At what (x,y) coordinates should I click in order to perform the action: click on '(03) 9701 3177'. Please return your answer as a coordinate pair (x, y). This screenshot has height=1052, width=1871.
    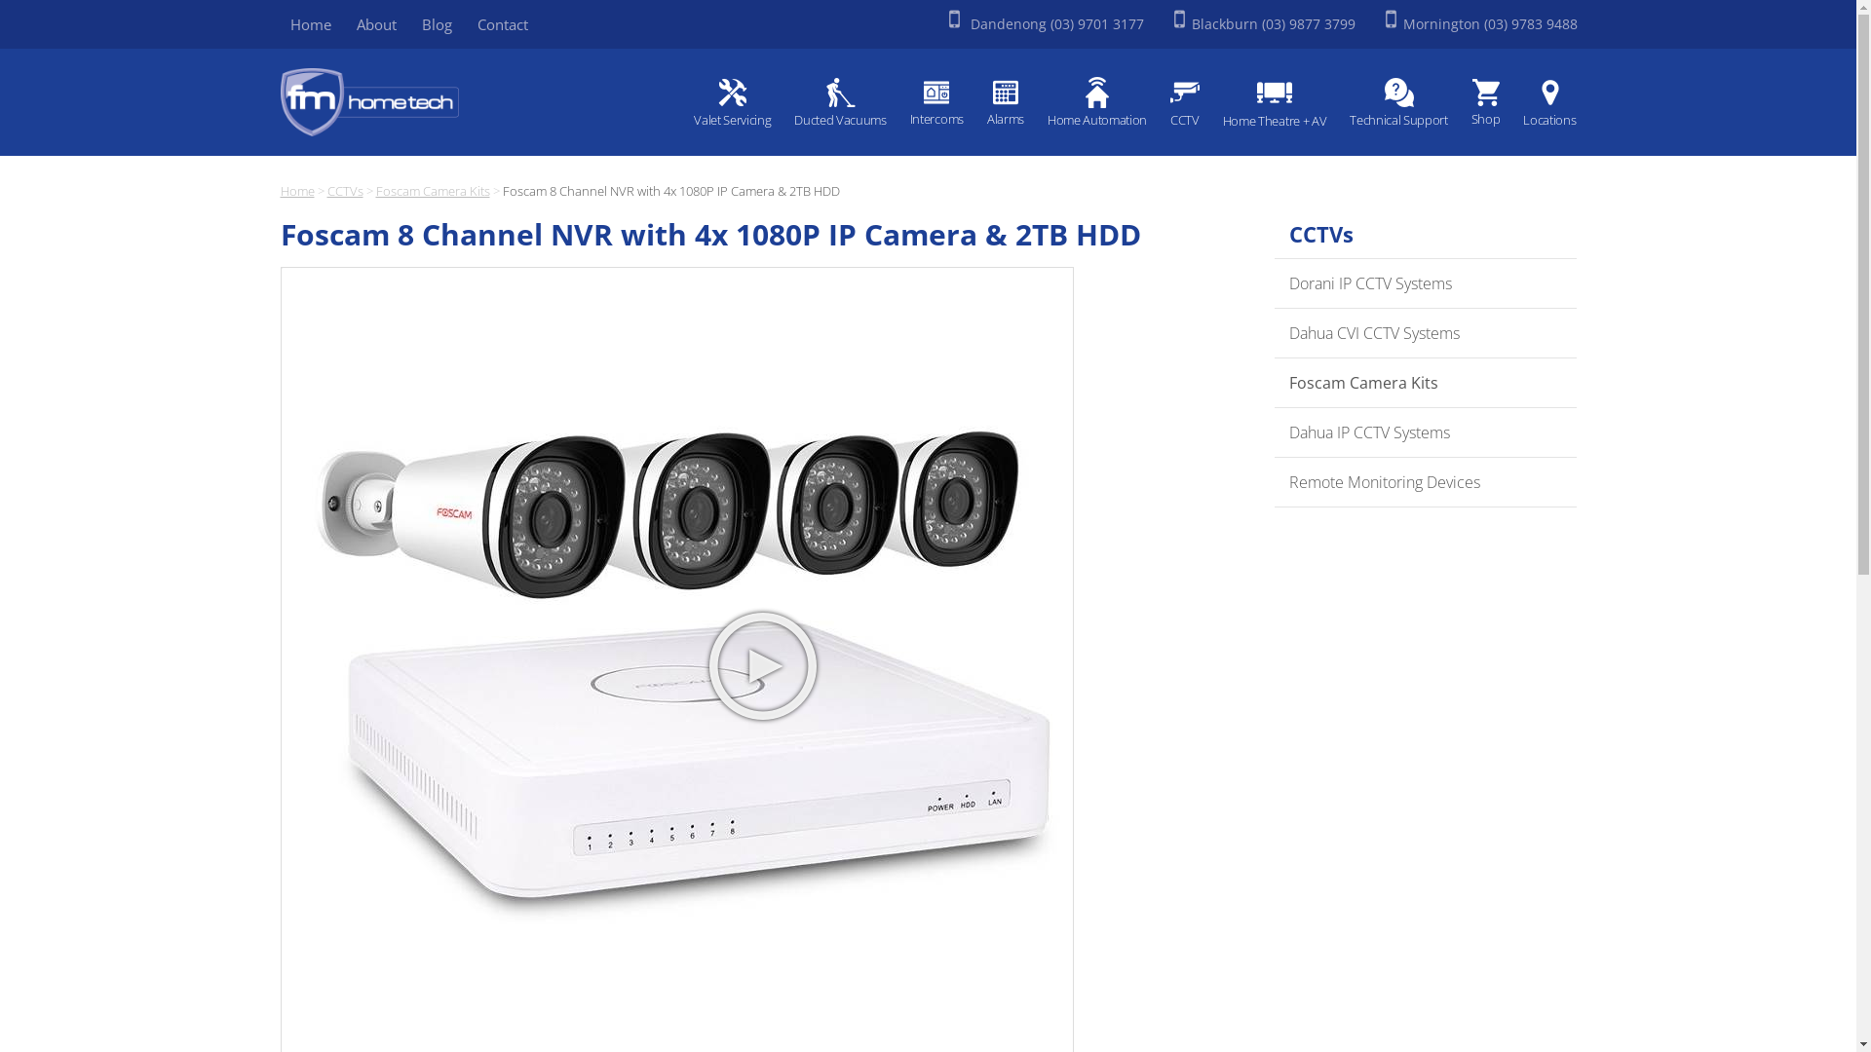
    Looking at the image, I should click on (1097, 23).